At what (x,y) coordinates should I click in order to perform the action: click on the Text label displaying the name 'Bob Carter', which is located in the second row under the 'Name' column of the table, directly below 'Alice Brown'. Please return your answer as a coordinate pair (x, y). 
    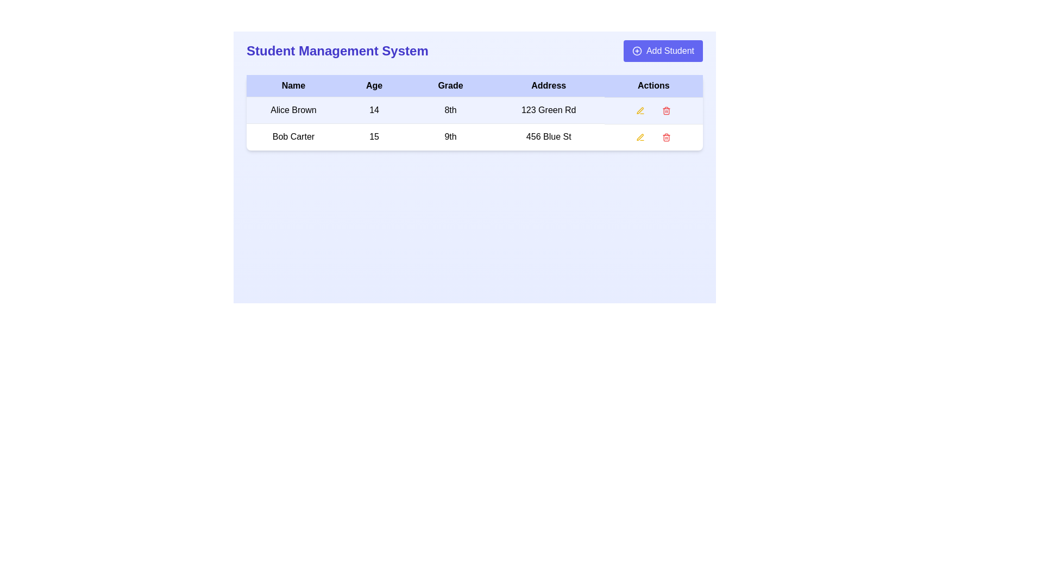
    Looking at the image, I should click on (293, 136).